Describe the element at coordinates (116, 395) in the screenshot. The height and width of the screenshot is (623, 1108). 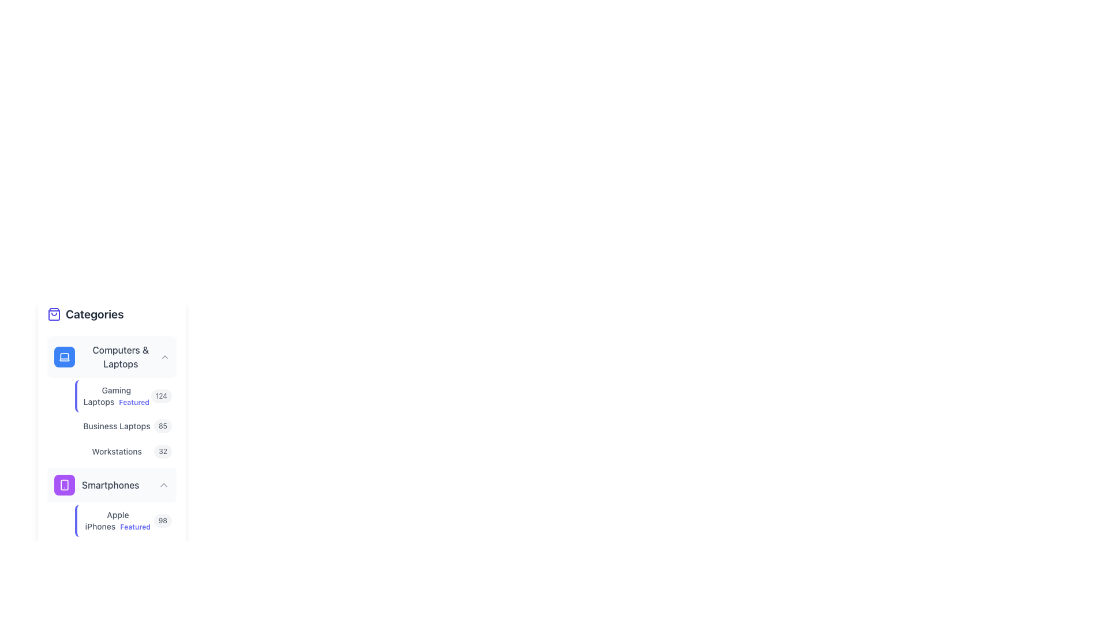
I see `the 'Gaming Laptops' link, which has a smaller 'Featured' label in blue` at that location.